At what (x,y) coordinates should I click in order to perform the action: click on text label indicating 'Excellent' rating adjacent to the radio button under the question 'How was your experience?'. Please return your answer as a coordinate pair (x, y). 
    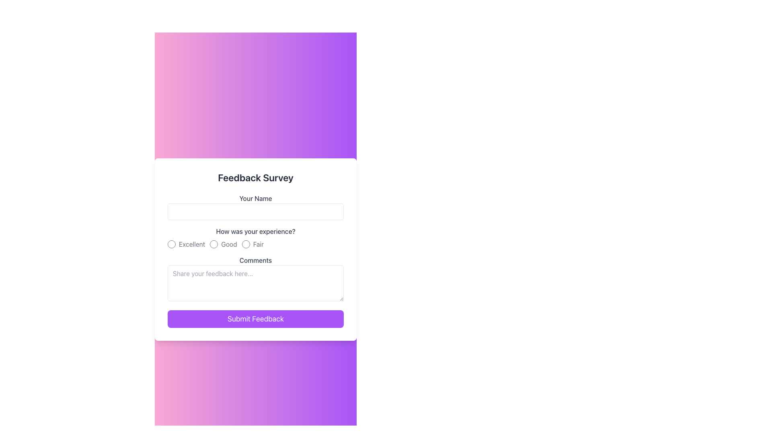
    Looking at the image, I should click on (191, 244).